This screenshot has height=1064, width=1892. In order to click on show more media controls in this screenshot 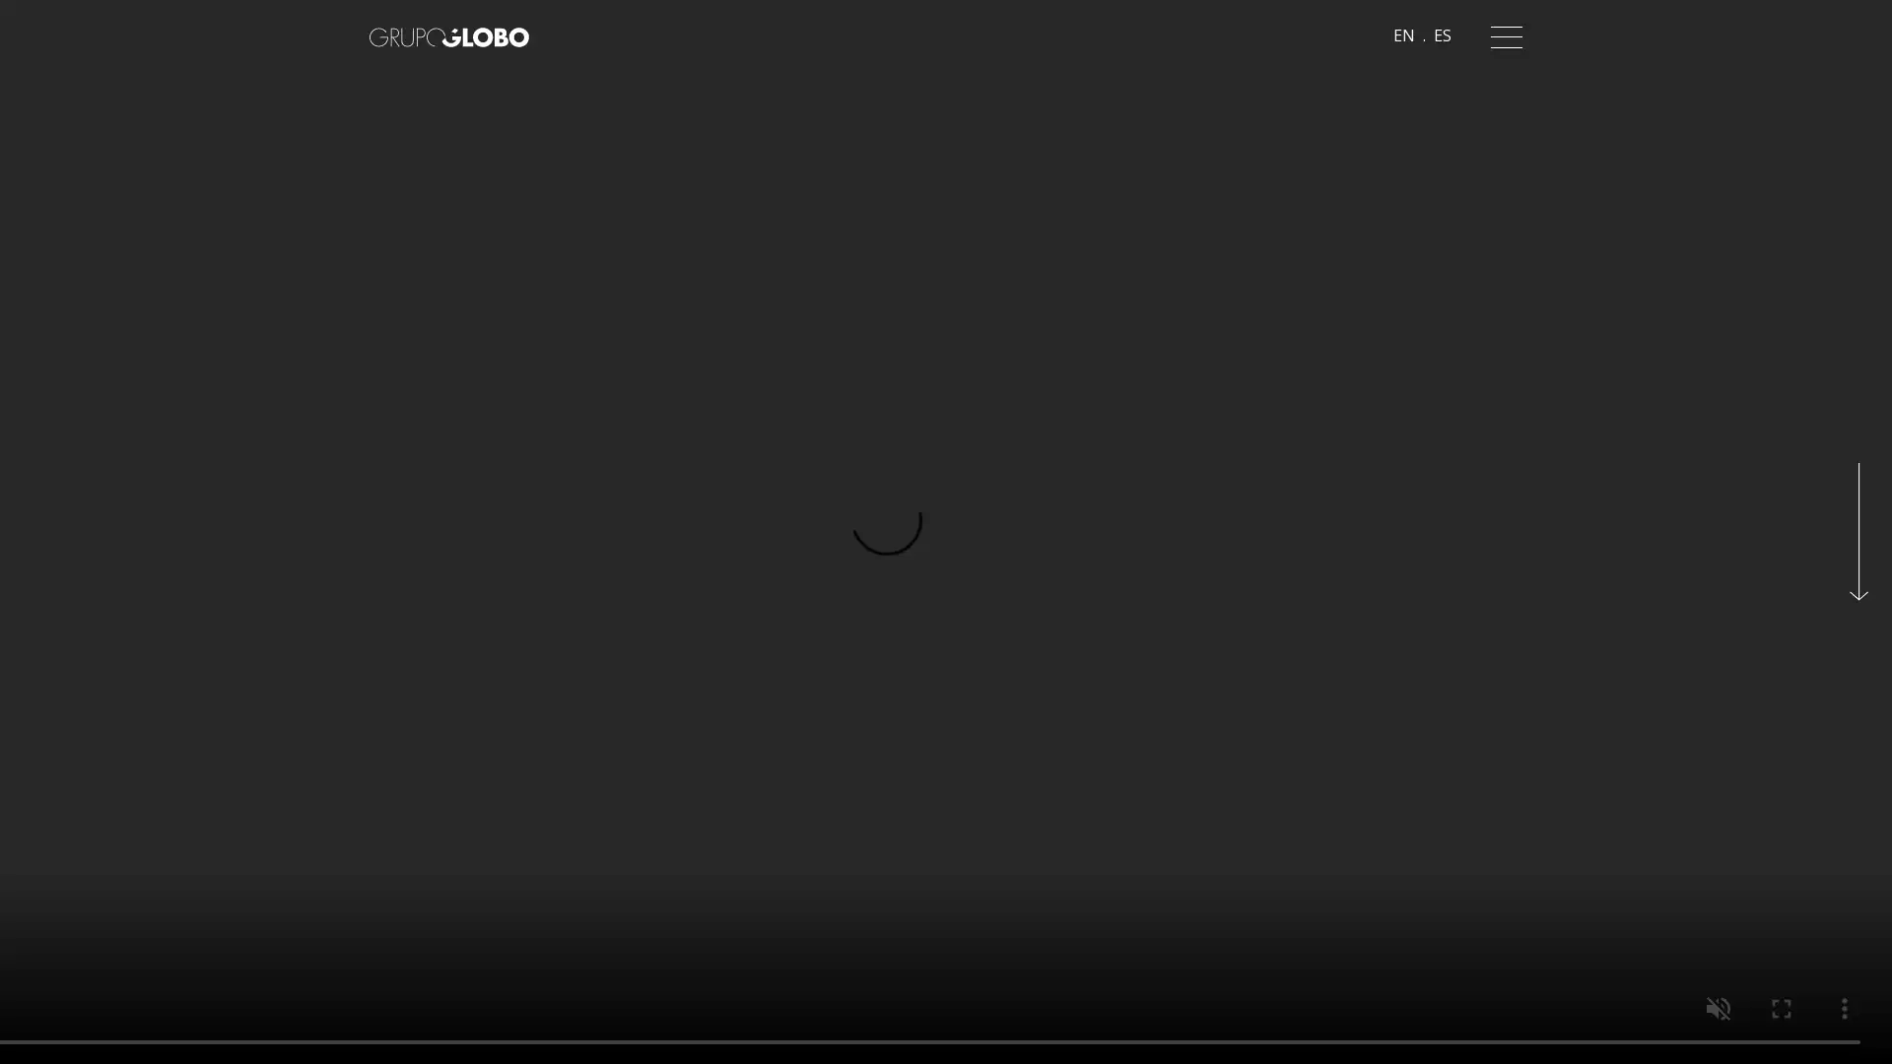, I will do `click(1844, 1008)`.